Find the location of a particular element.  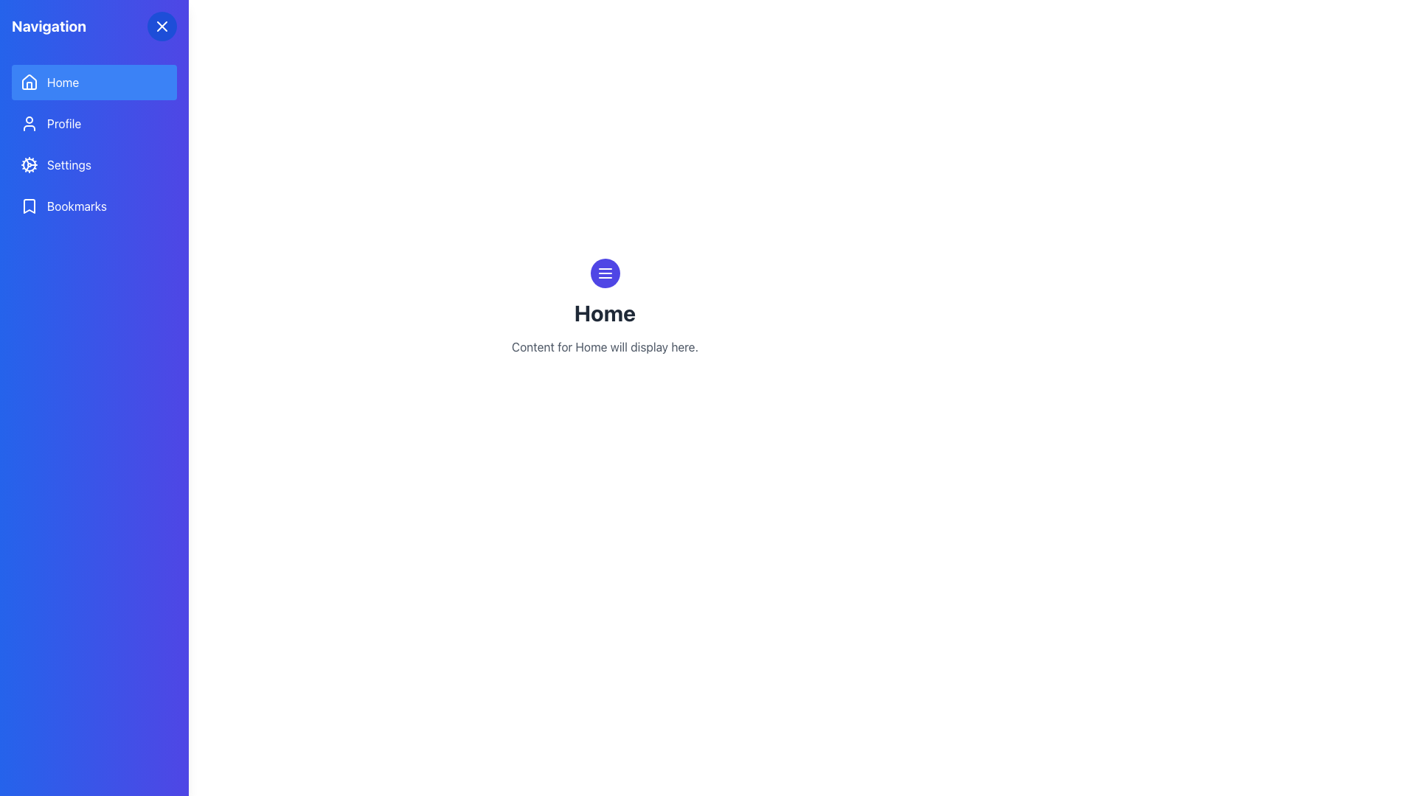

house-shaped icon located to the left of the 'Home' text, which is displayed in white on a blue background is located at coordinates (29, 82).